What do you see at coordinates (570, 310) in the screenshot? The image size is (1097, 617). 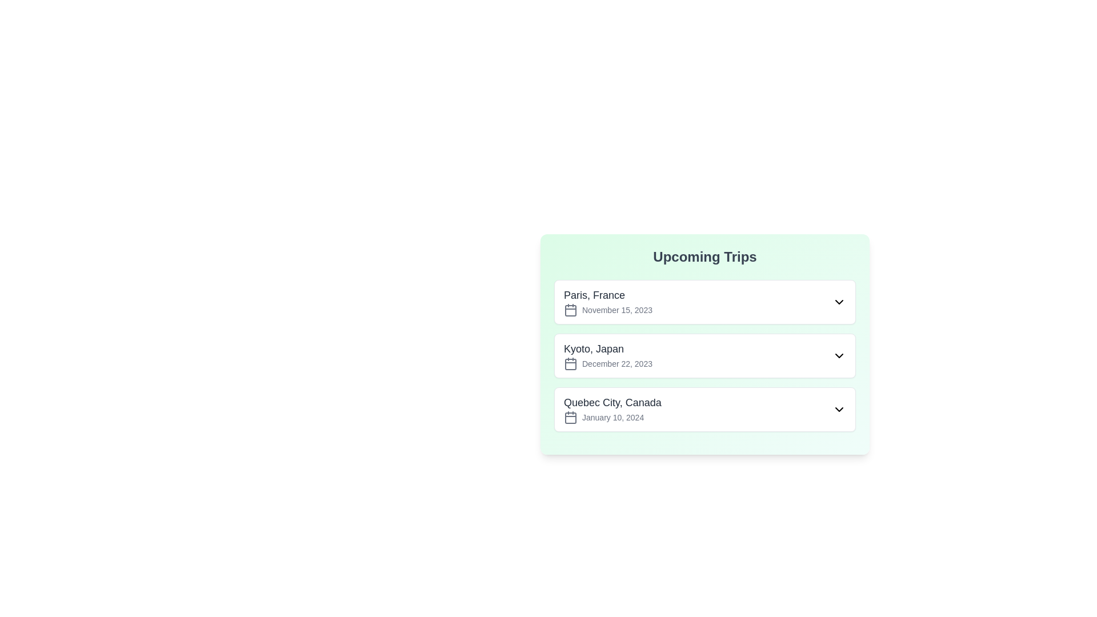 I see `the date icon located immediately to the left of the text 'November 15, 2023' in the upcoming trips section` at bounding box center [570, 310].